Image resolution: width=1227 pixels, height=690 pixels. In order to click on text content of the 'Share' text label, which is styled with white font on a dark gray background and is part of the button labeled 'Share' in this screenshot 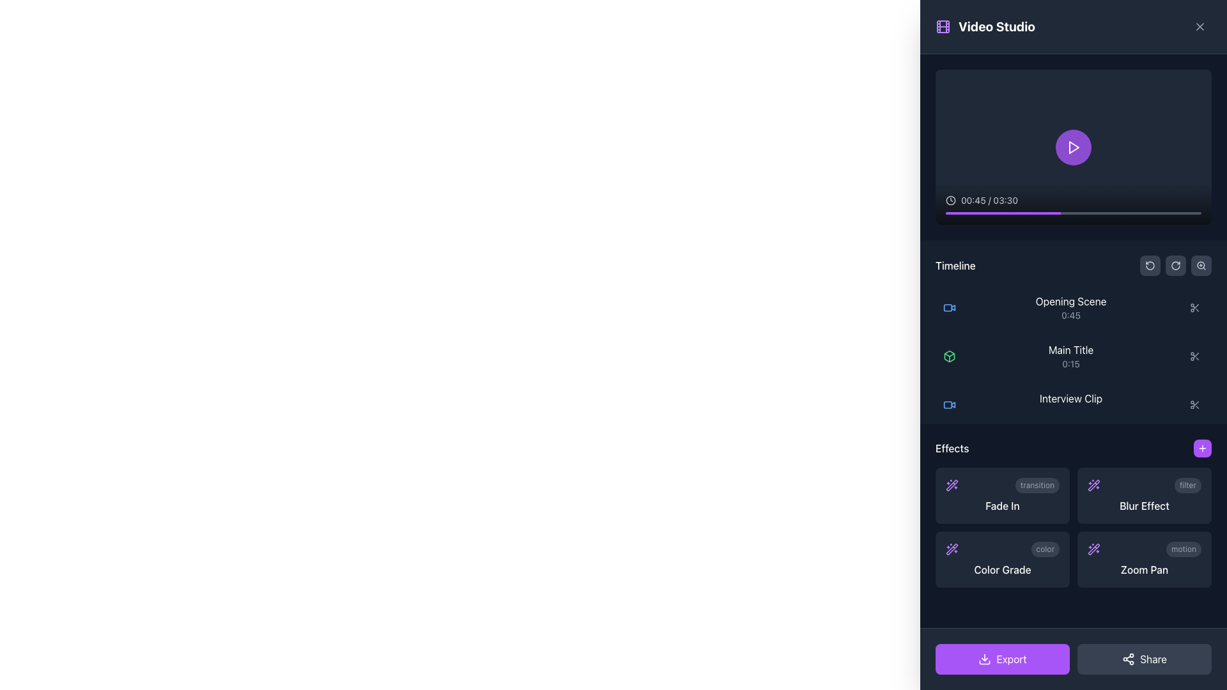, I will do `click(1153, 659)`.